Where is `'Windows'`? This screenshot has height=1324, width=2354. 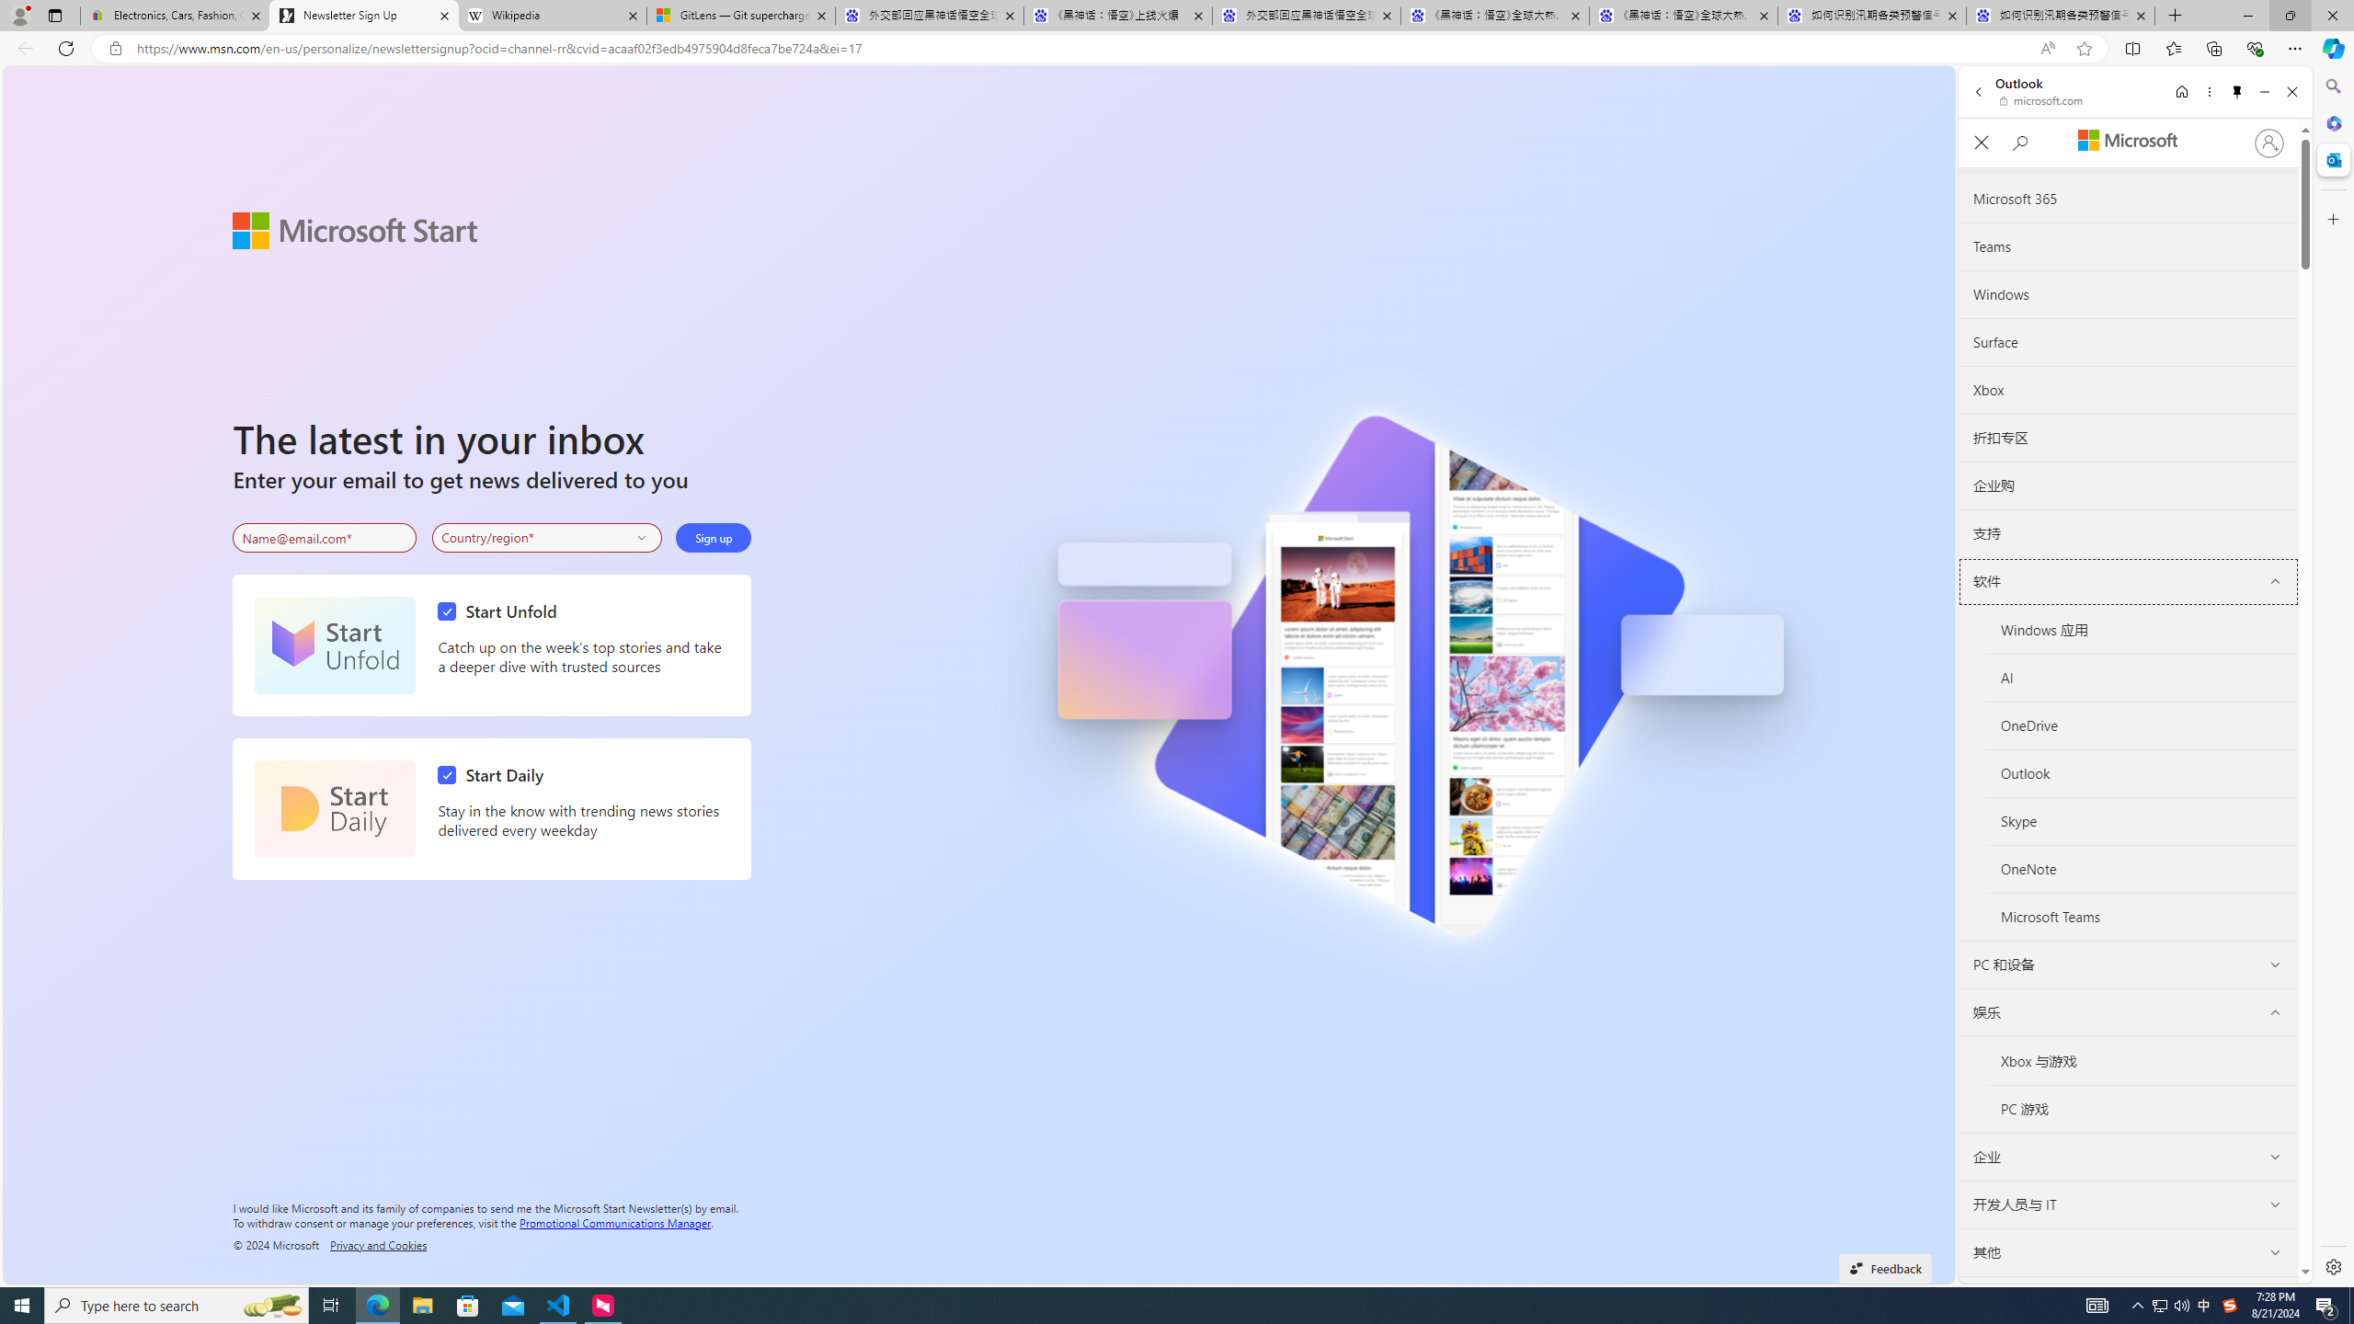 'Windows' is located at coordinates (2129, 295).